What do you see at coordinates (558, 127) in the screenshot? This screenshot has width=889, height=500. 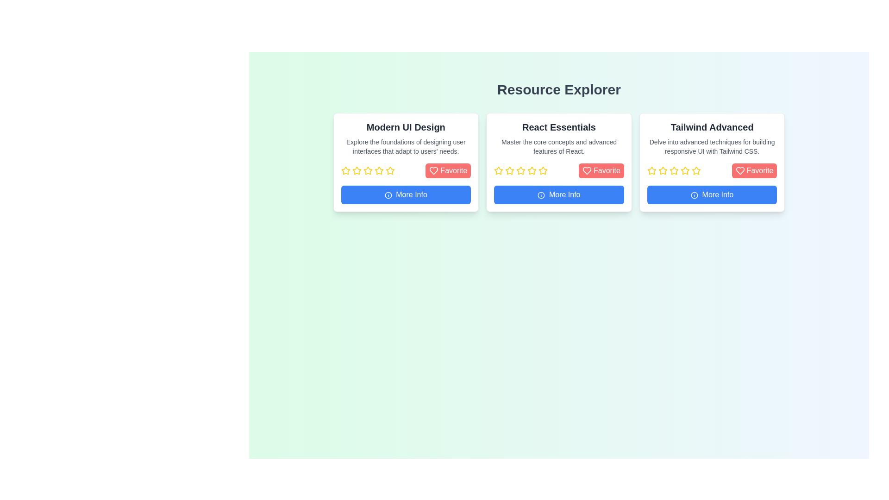 I see `the heading element styled in bold typography displaying the text 'React Essentials', located at the top of the middle card in a three-card layout` at bounding box center [558, 127].